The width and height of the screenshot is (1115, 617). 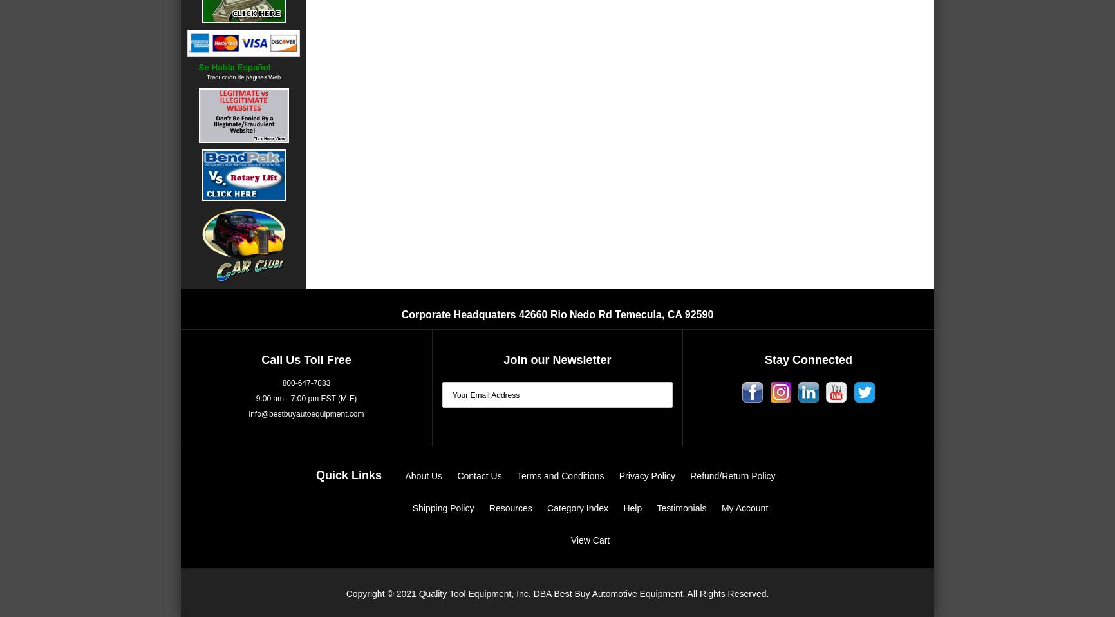 What do you see at coordinates (442, 507) in the screenshot?
I see `'Shipping Policy'` at bounding box center [442, 507].